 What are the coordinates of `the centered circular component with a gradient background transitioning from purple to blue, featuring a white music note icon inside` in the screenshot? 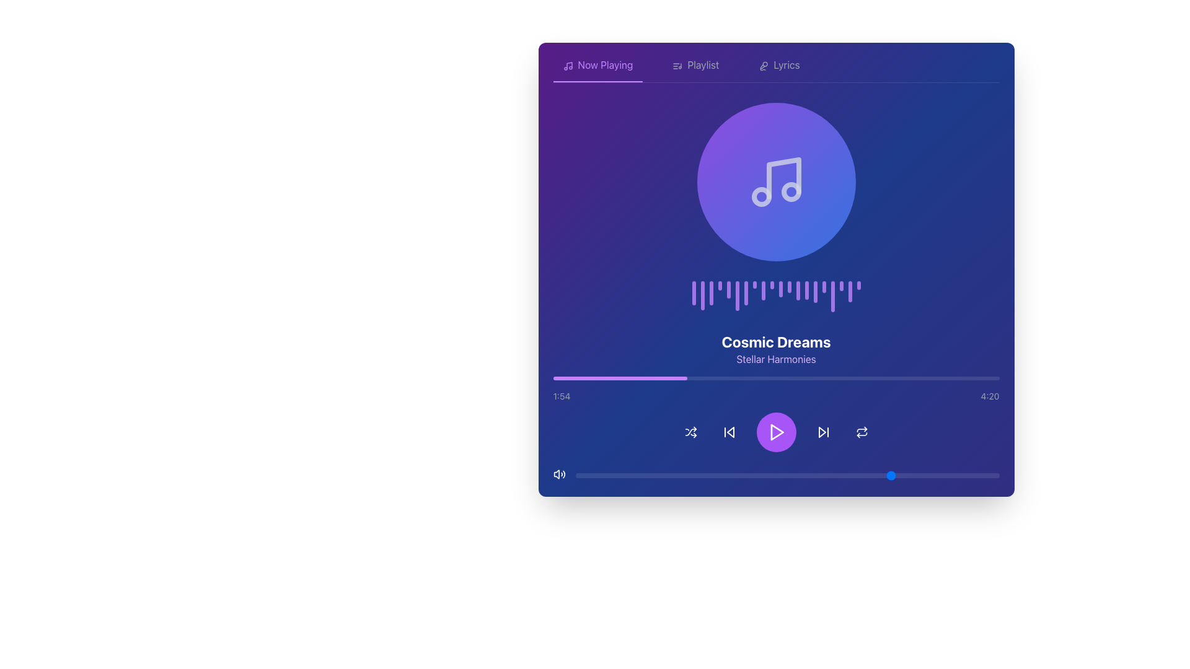 It's located at (775, 181).